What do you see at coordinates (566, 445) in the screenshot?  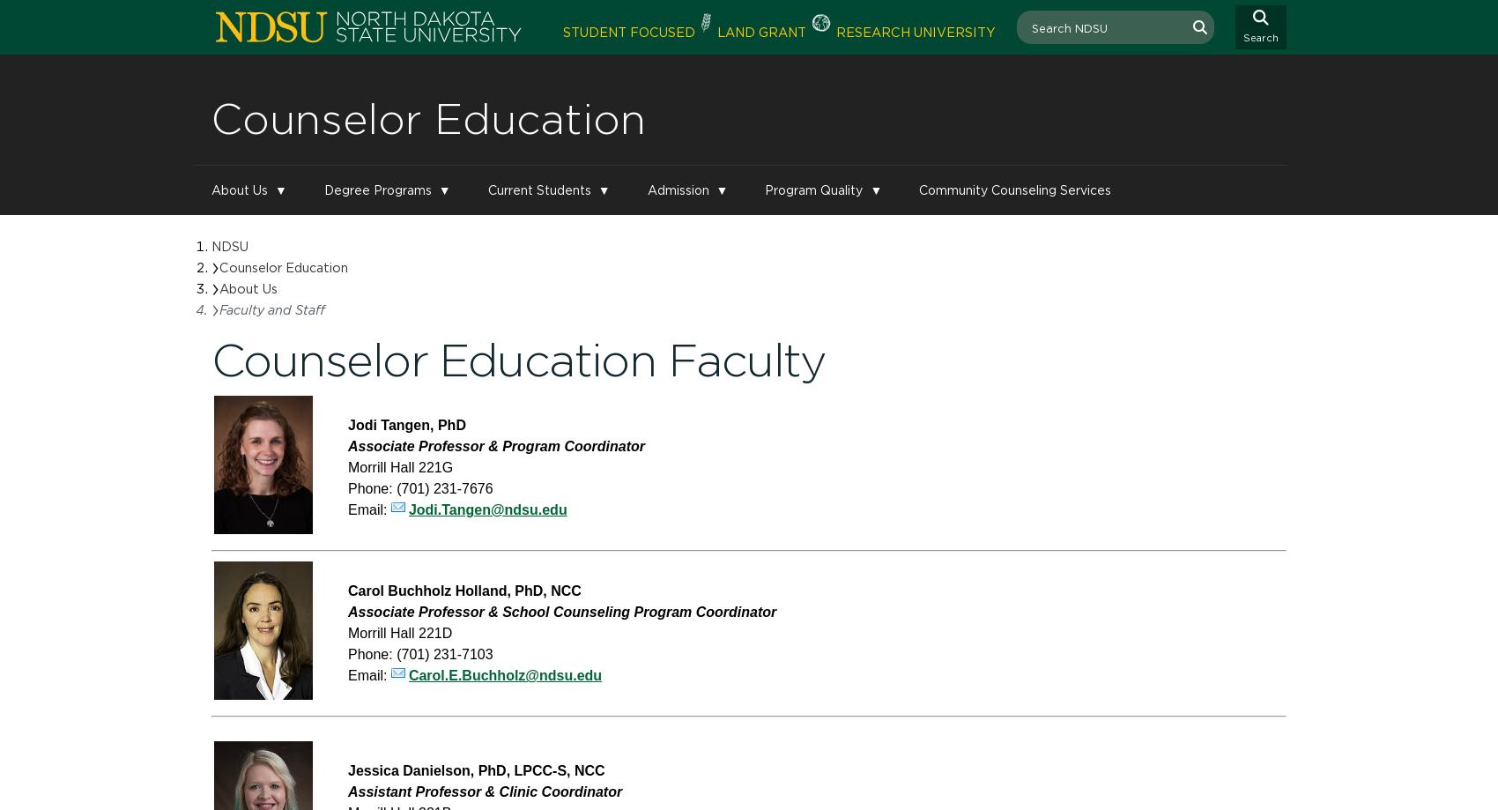 I see `'& Program Coordinator'` at bounding box center [566, 445].